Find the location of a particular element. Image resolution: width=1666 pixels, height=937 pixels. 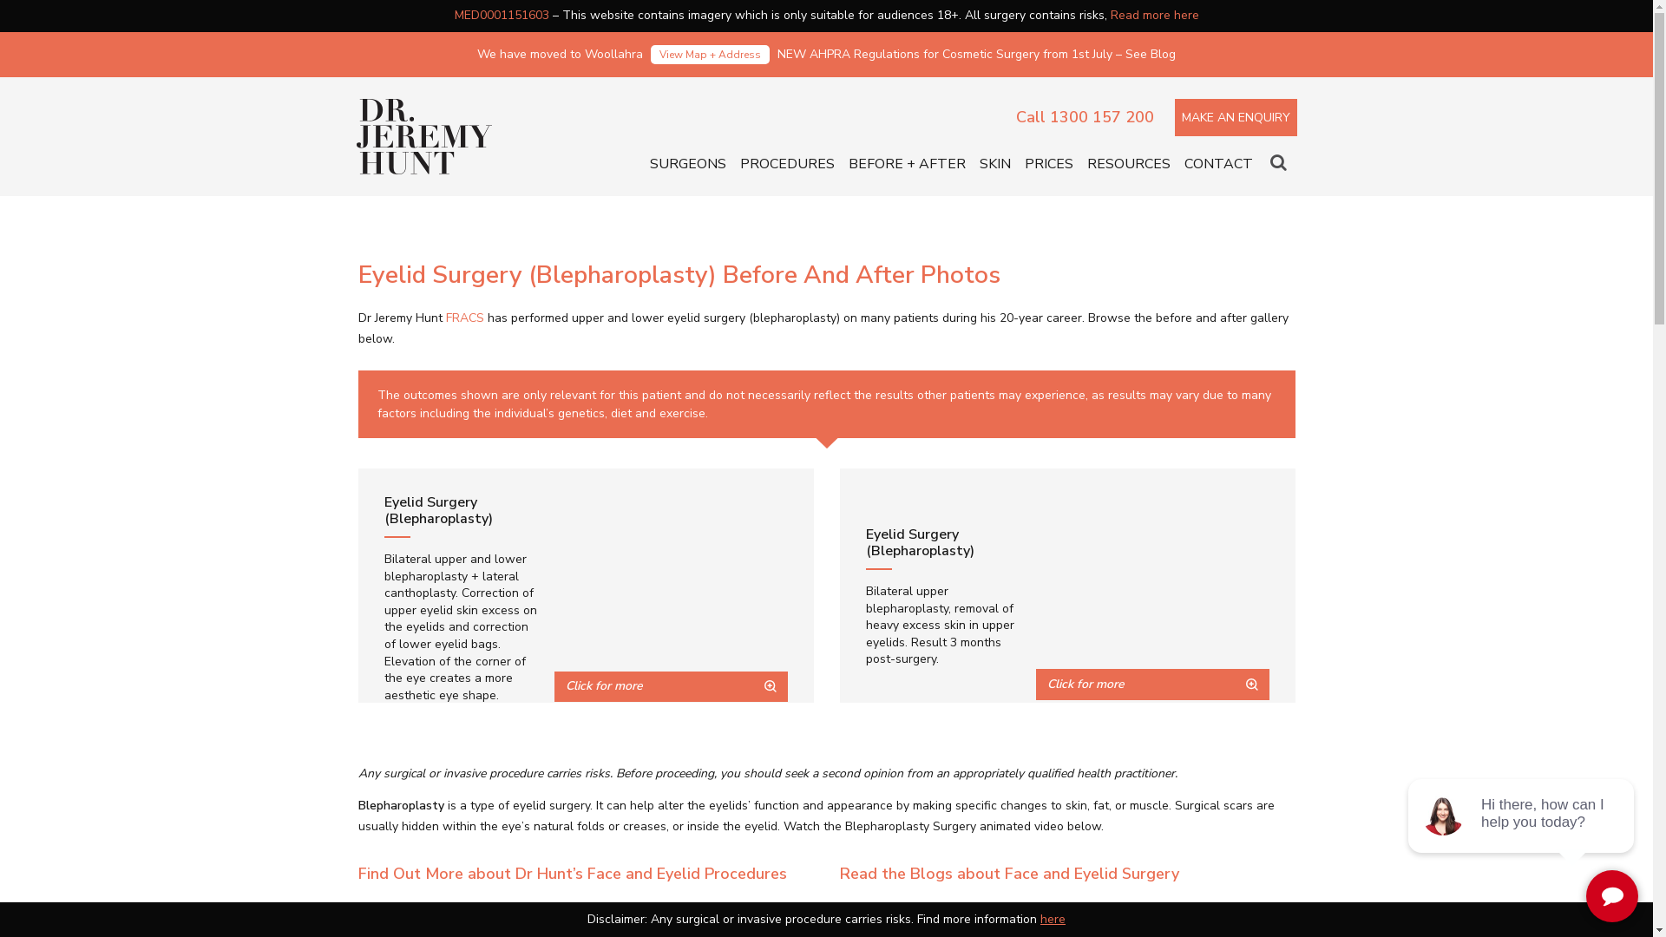

'BEFORE + AFTER' is located at coordinates (849, 164).